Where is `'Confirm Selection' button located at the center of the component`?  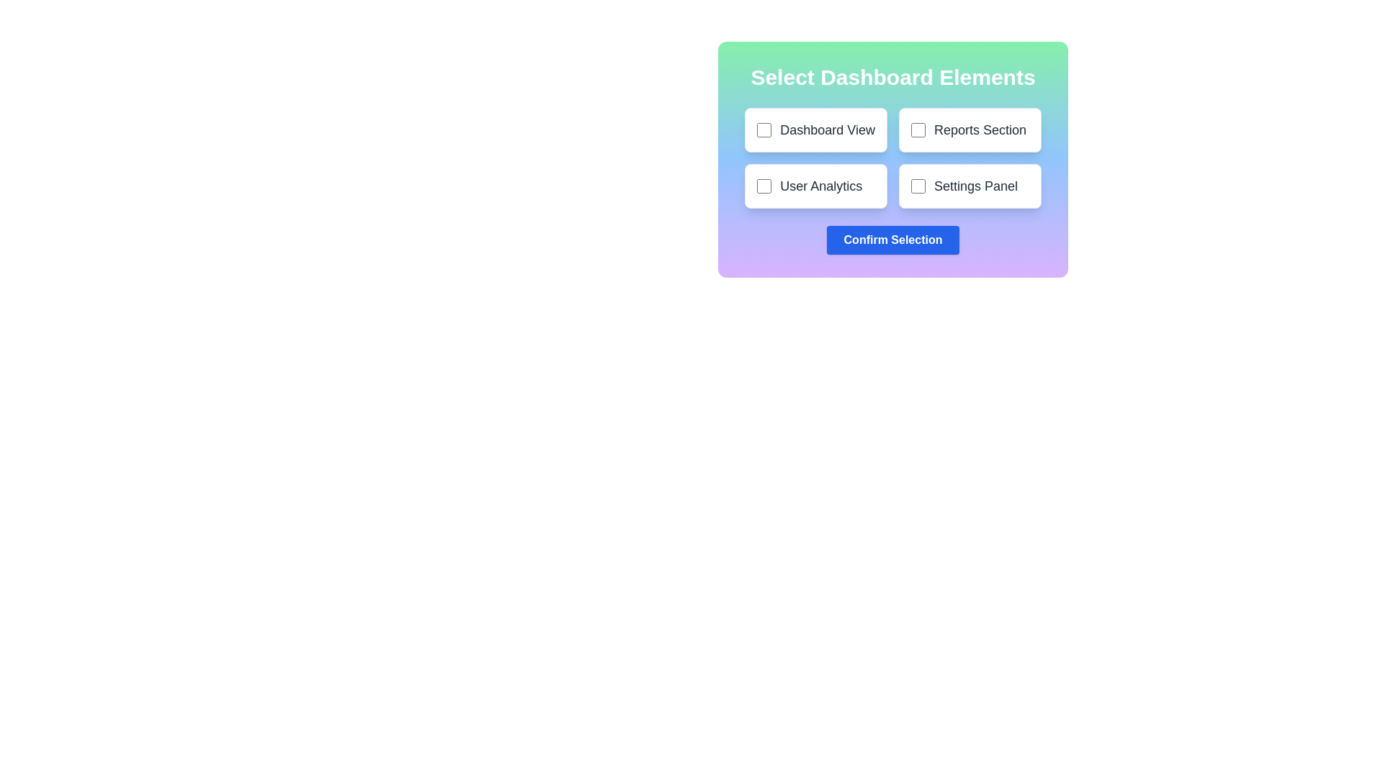
'Confirm Selection' button located at the center of the component is located at coordinates (892, 240).